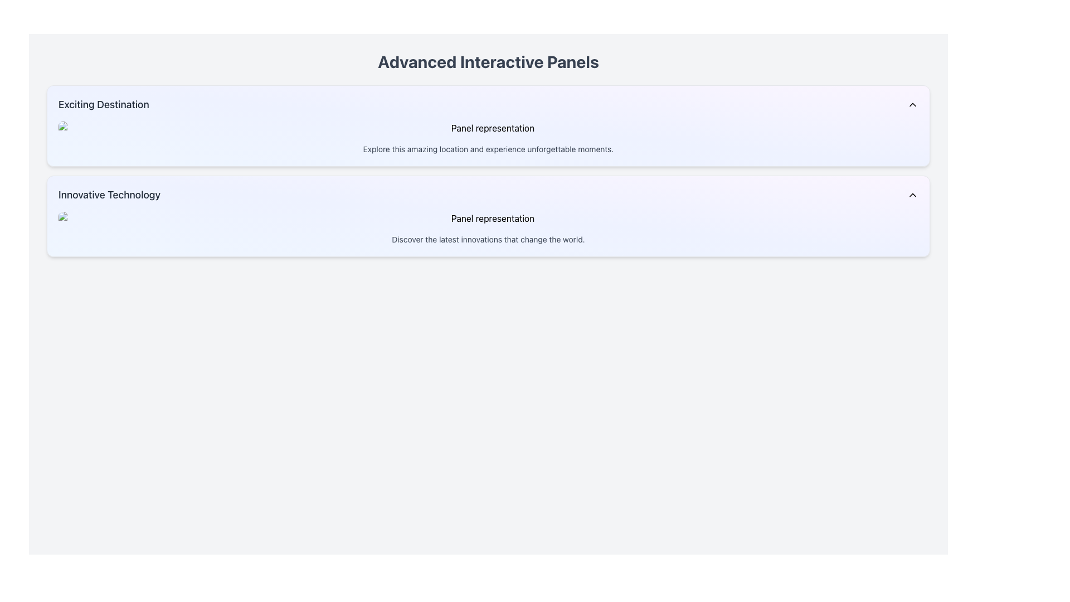 The height and width of the screenshot is (602, 1070). I want to click on the upward-pointing chevron icon located at the far-right of the 'Exciting Destination' section, so click(912, 105).